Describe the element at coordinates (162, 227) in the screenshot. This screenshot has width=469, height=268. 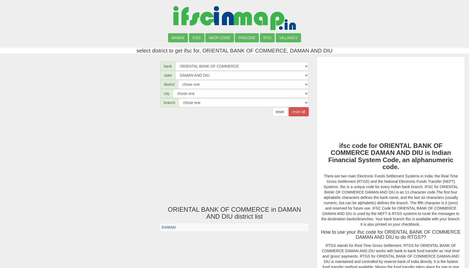
I see `'DAMAN'` at that location.